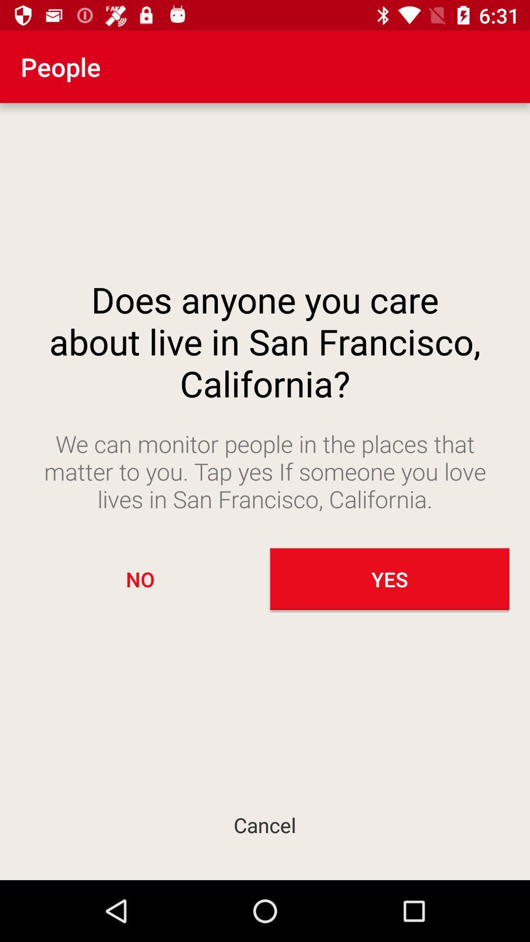  What do you see at coordinates (140, 579) in the screenshot?
I see `the no` at bounding box center [140, 579].